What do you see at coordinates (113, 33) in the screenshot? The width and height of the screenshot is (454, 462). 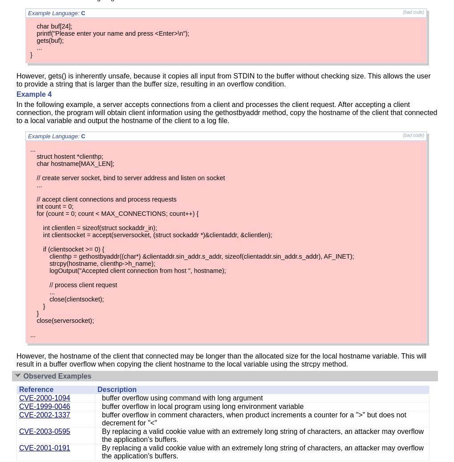 I see `'printf("Please enter your name and press <Enter>\n");'` at bounding box center [113, 33].